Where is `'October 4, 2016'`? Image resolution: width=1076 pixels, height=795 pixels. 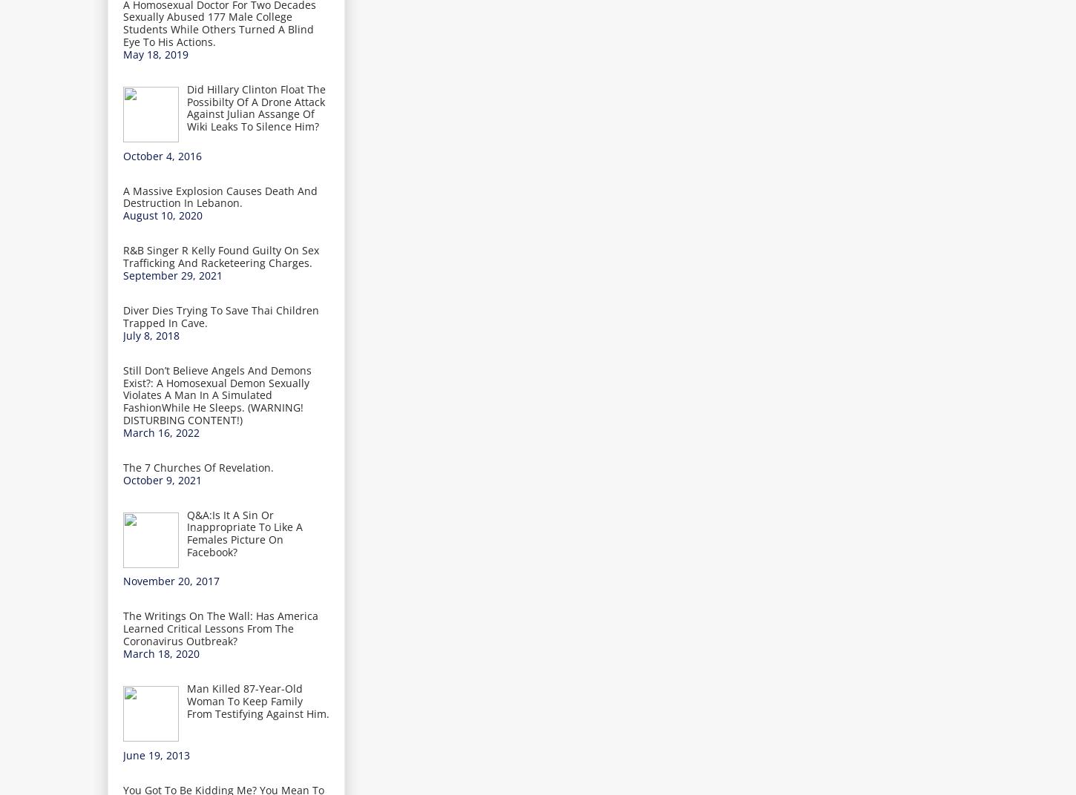 'October 4, 2016' is located at coordinates (161, 155).